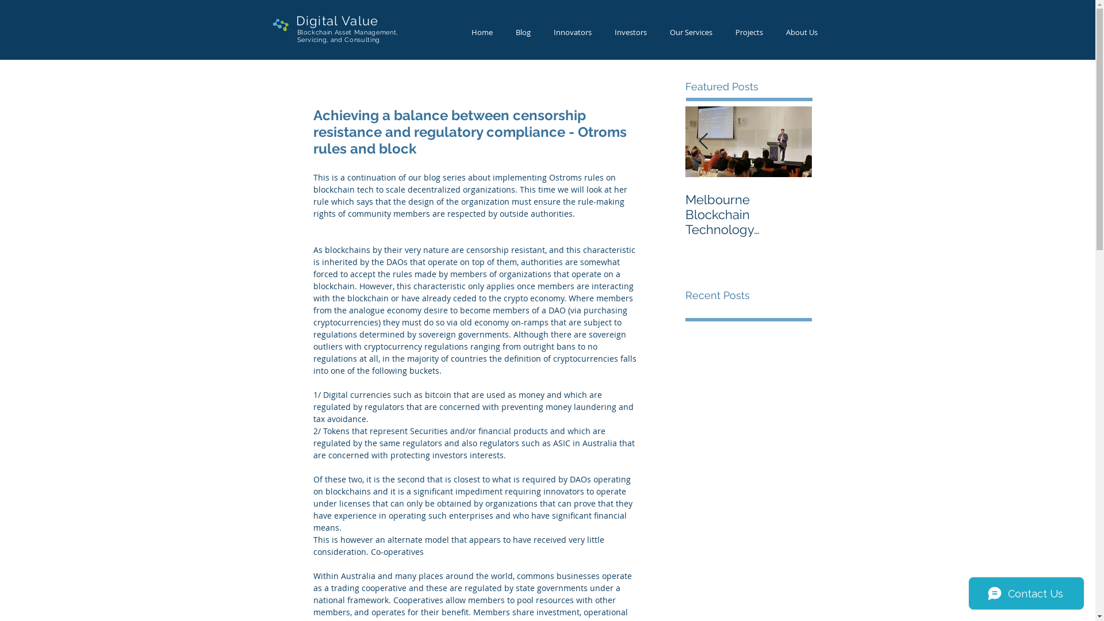 The width and height of the screenshot is (1104, 621). I want to click on 'Digital Value', so click(336, 20).